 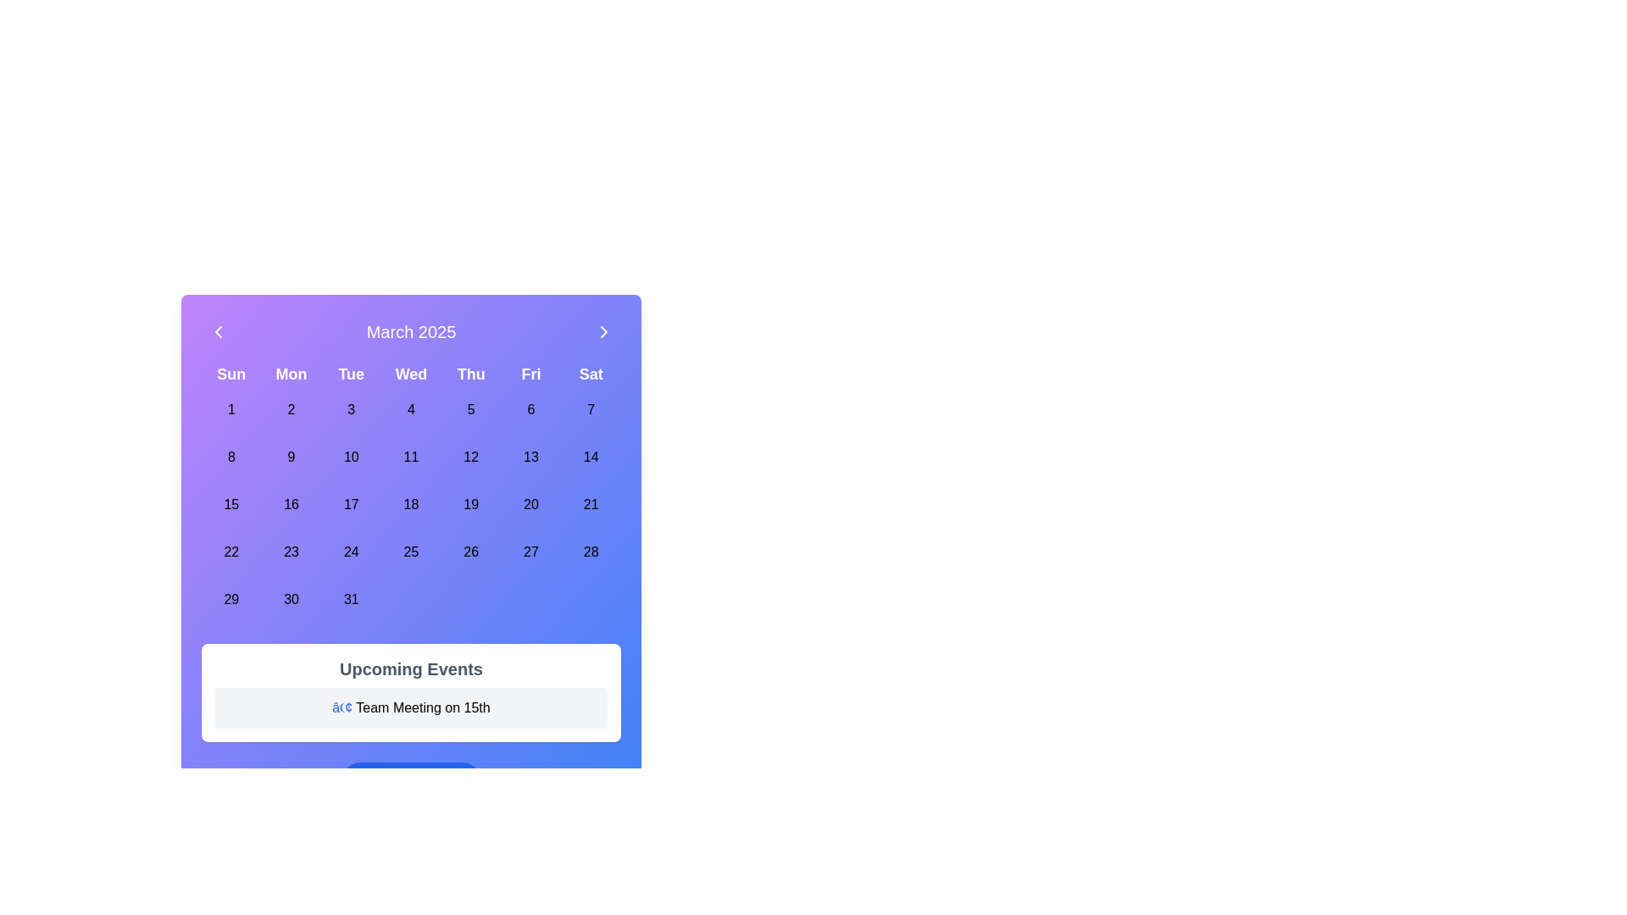 I want to click on the Interactive calendar date button representing the 15th day of the month, so click(x=230, y=504).